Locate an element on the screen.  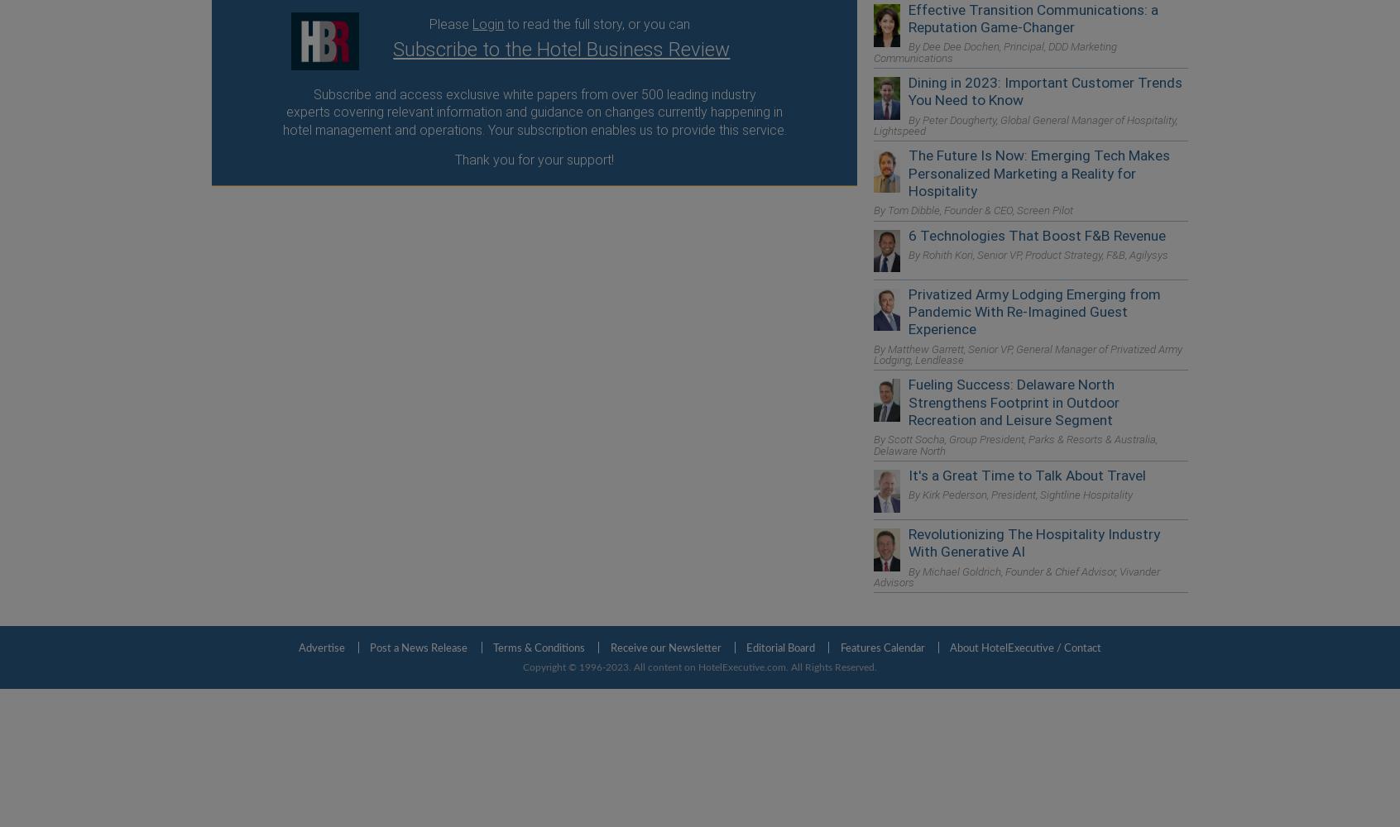
'Editorial Board' is located at coordinates (780, 648).